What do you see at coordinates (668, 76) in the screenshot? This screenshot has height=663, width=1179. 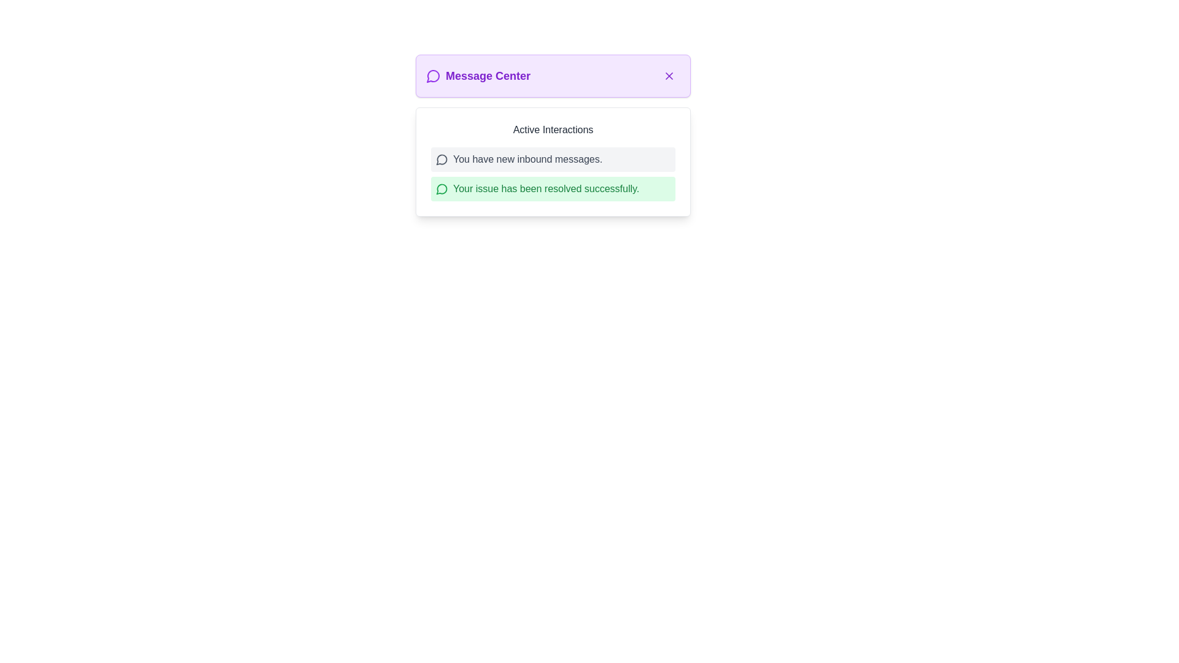 I see `the circular button with a purple cross icon located at the top-right corner of the 'Message Center' panel` at bounding box center [668, 76].